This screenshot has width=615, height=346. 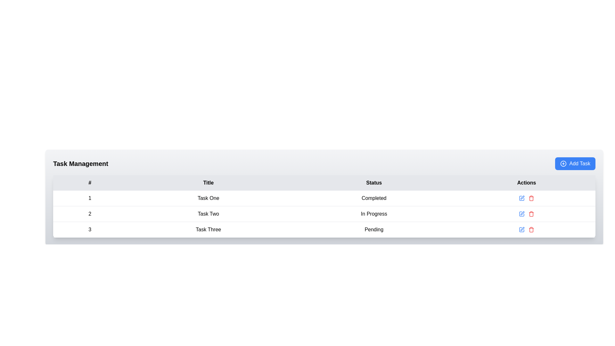 I want to click on the static text label displaying the symbol '#' in the header row of the table, which is the leftmost header among 'Title', 'Status', and 'Actions', so click(x=89, y=183).